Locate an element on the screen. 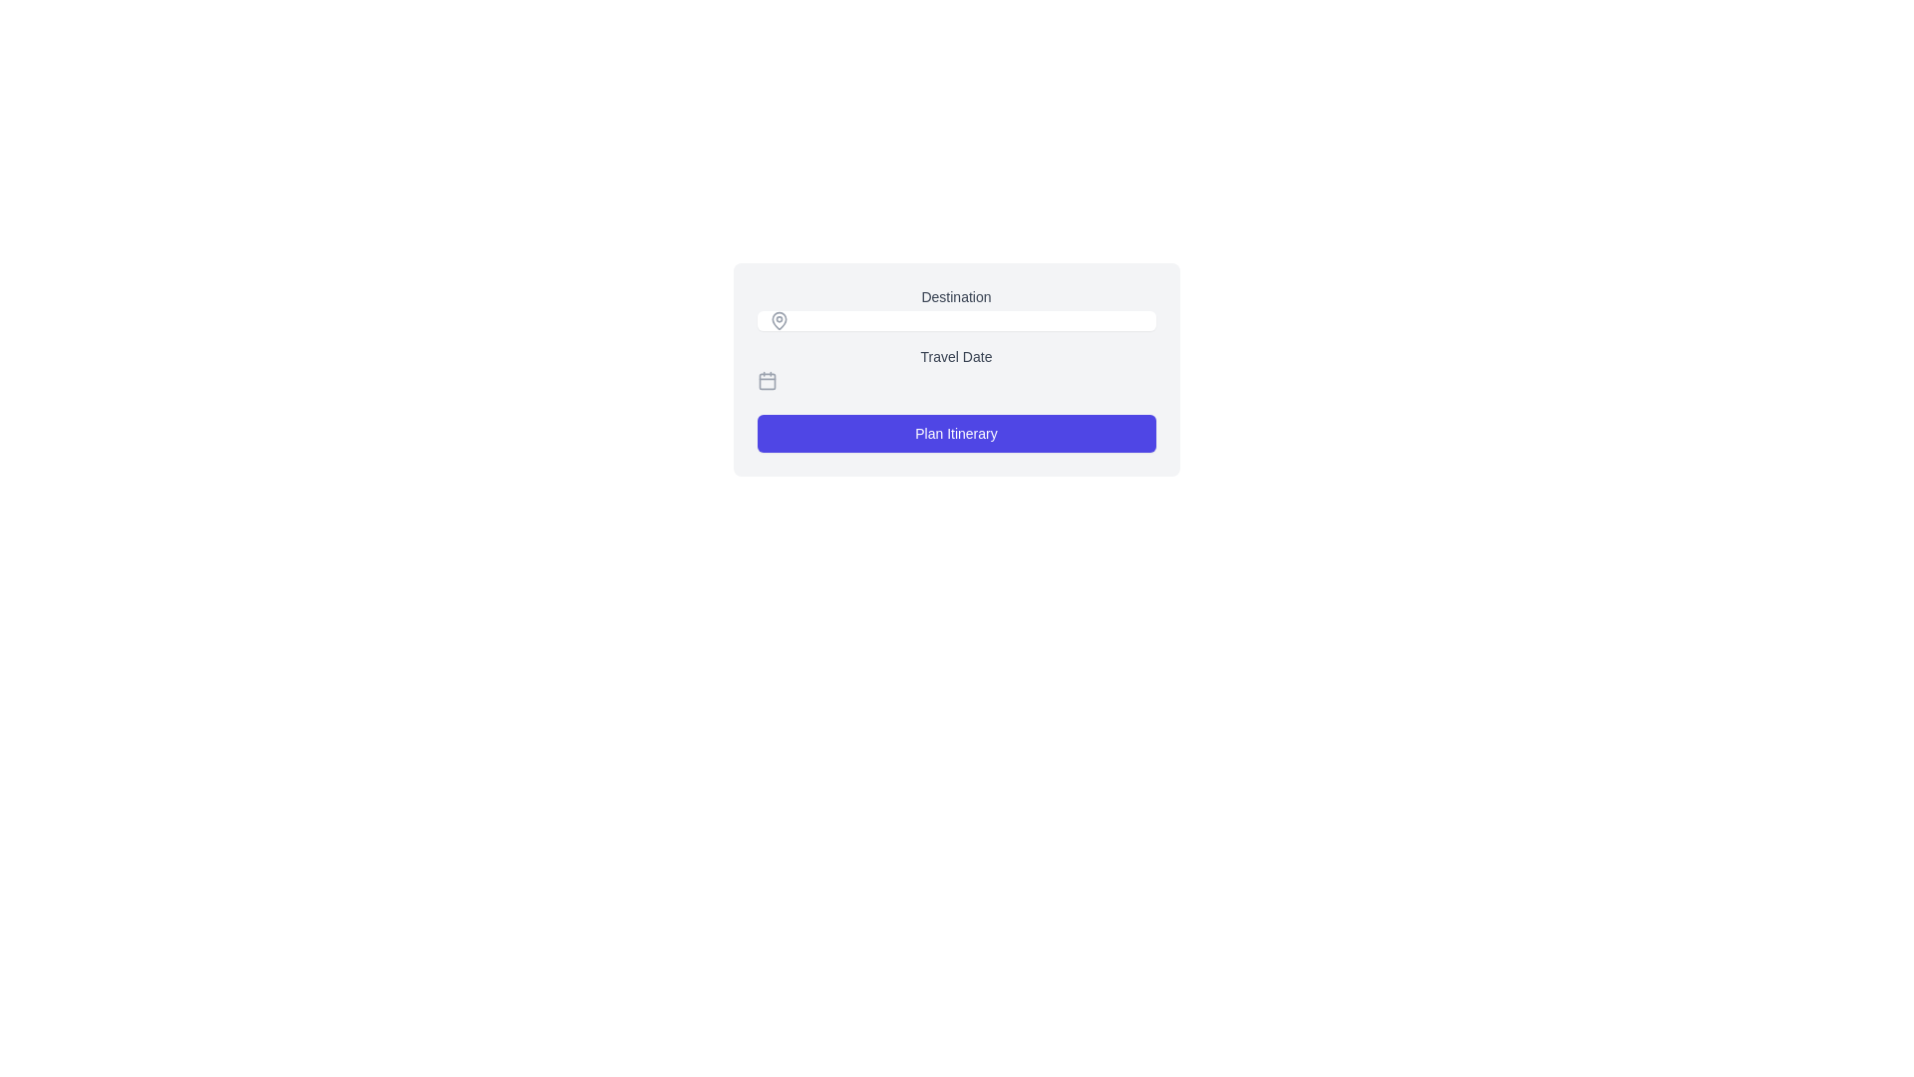 The image size is (1914, 1077). the calendar icon represented by an SVG rectangle with rounded corners, which is part of the interactive form under the 'Travel Date' text is located at coordinates (766, 381).